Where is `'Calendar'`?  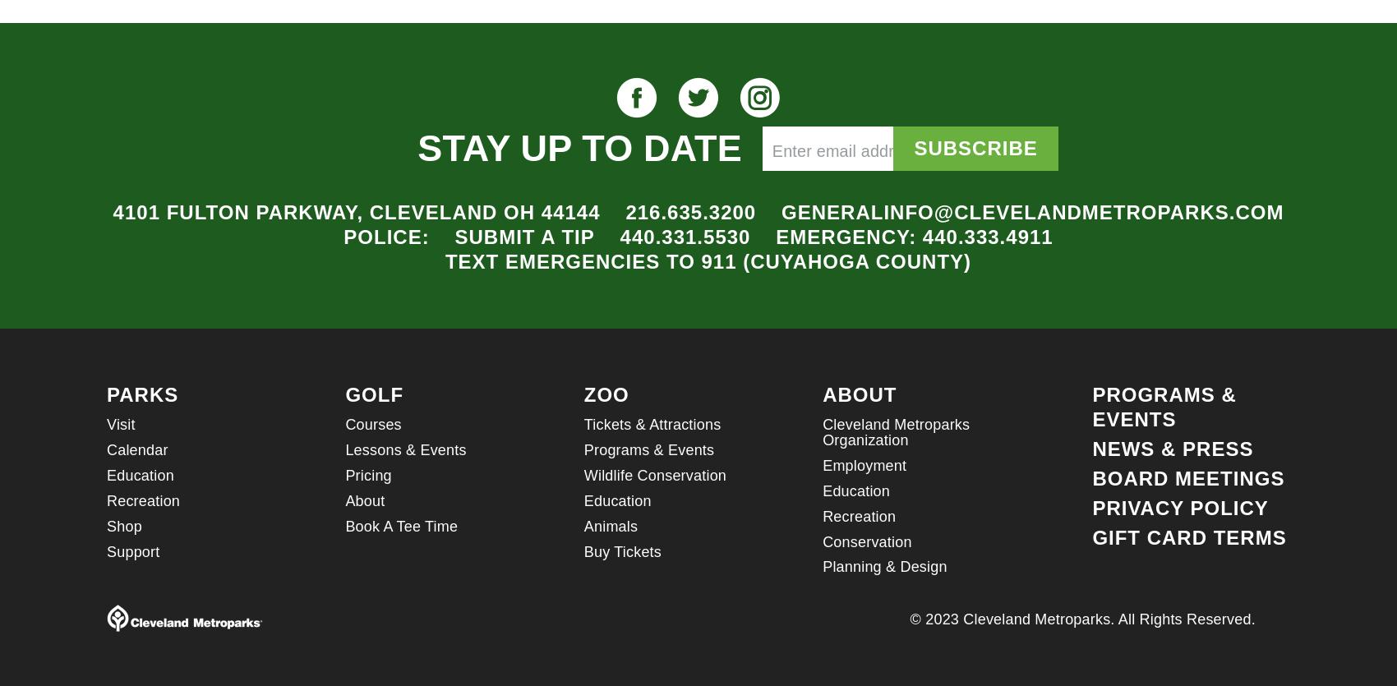 'Calendar' is located at coordinates (136, 449).